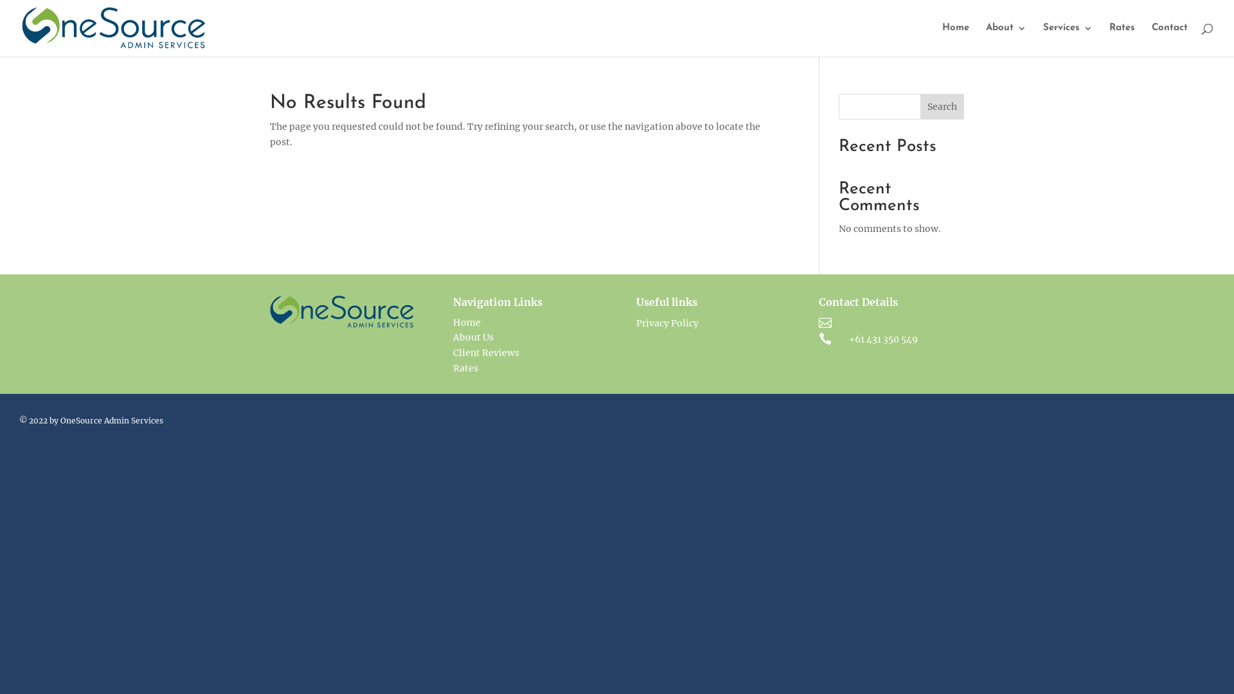 The image size is (1234, 694). I want to click on 'Rates', so click(1122, 39).